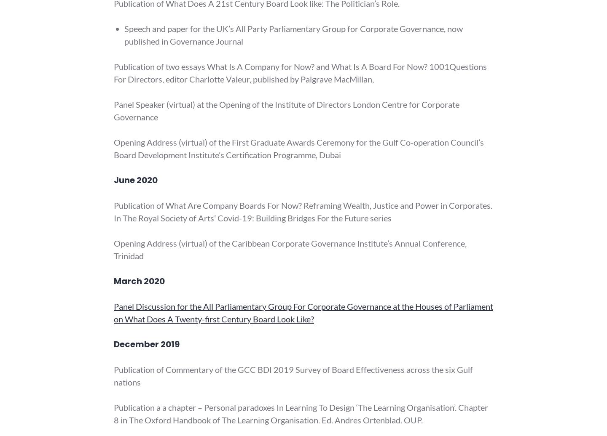 This screenshot has width=607, height=436. Describe the element at coordinates (147, 344) in the screenshot. I see `'December 2019'` at that location.